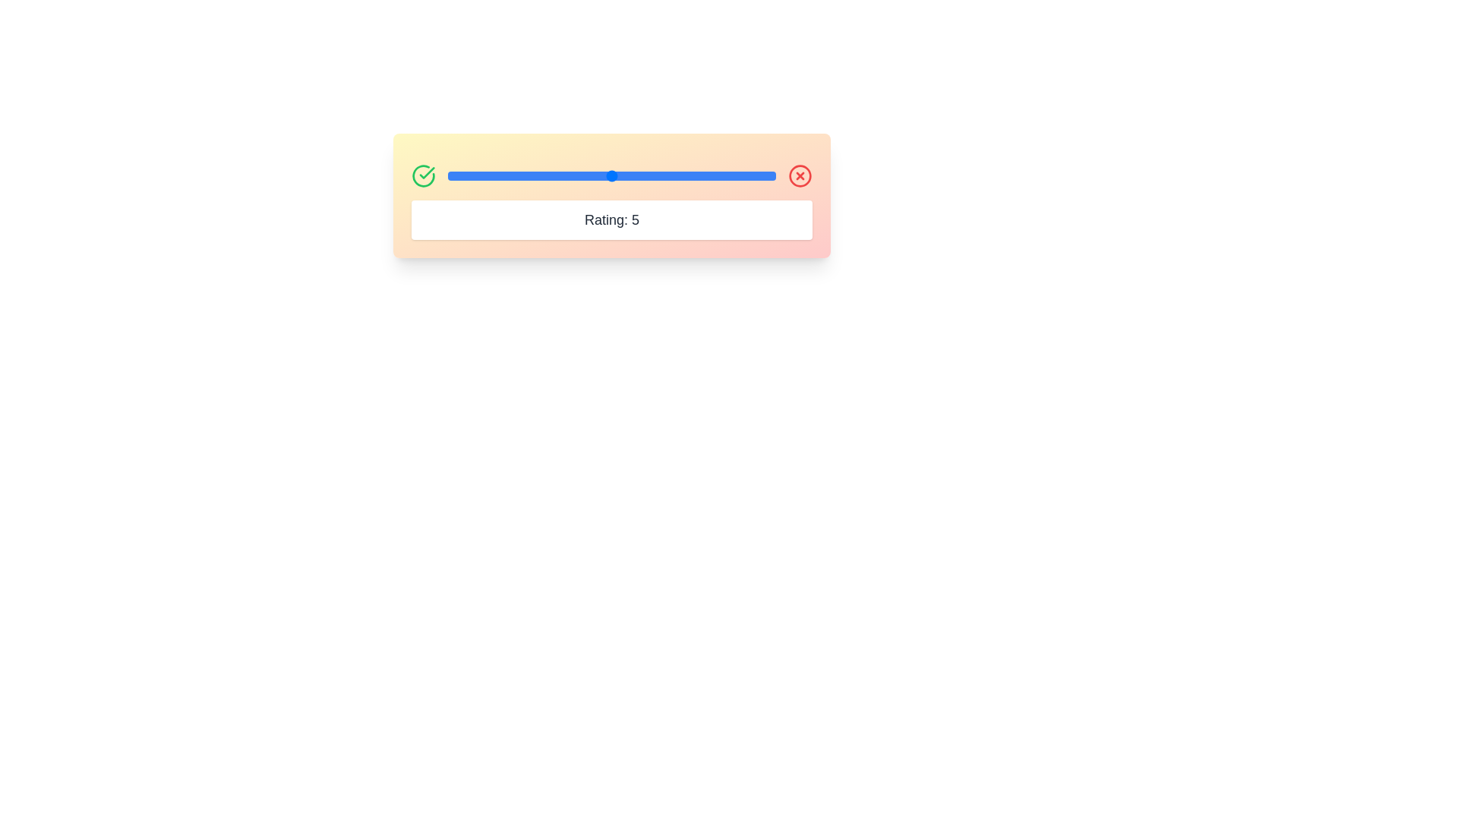 This screenshot has height=820, width=1458. What do you see at coordinates (480, 175) in the screenshot?
I see `the rating` at bounding box center [480, 175].